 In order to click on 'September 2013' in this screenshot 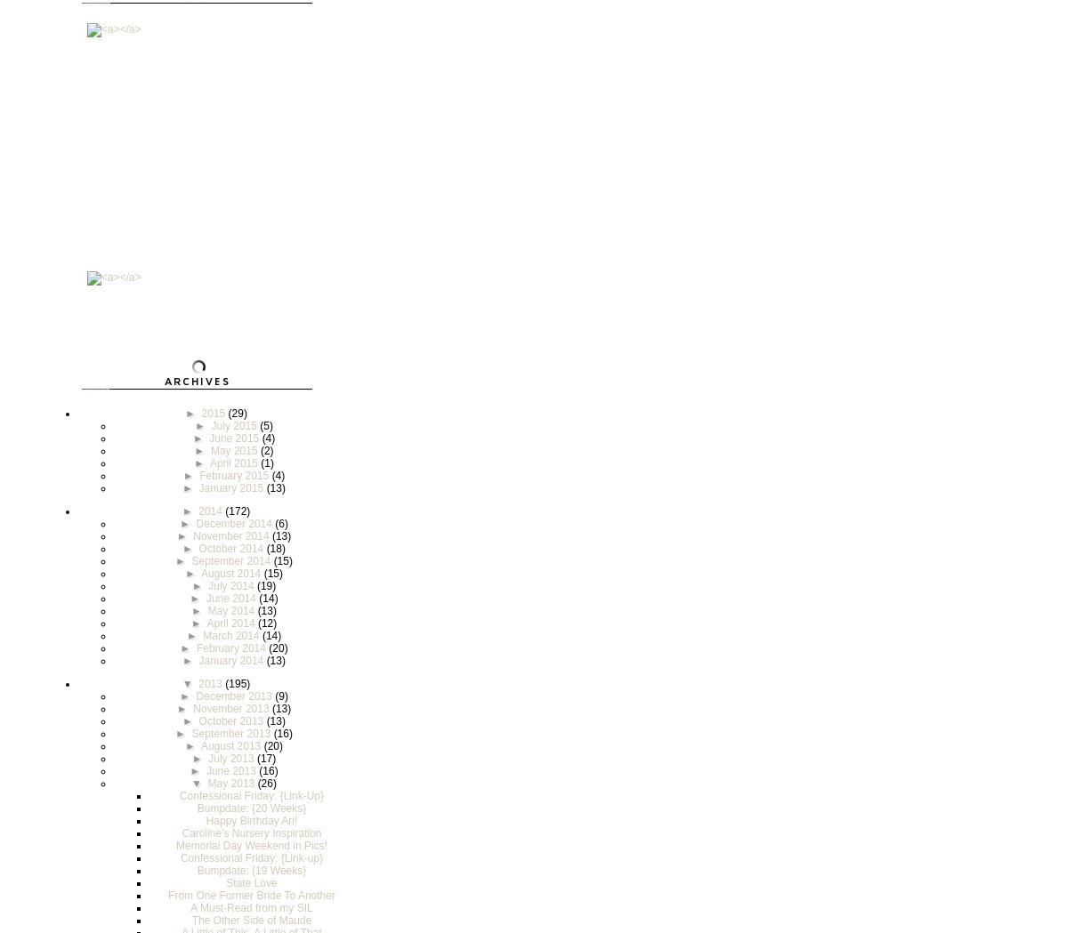, I will do `click(232, 733)`.